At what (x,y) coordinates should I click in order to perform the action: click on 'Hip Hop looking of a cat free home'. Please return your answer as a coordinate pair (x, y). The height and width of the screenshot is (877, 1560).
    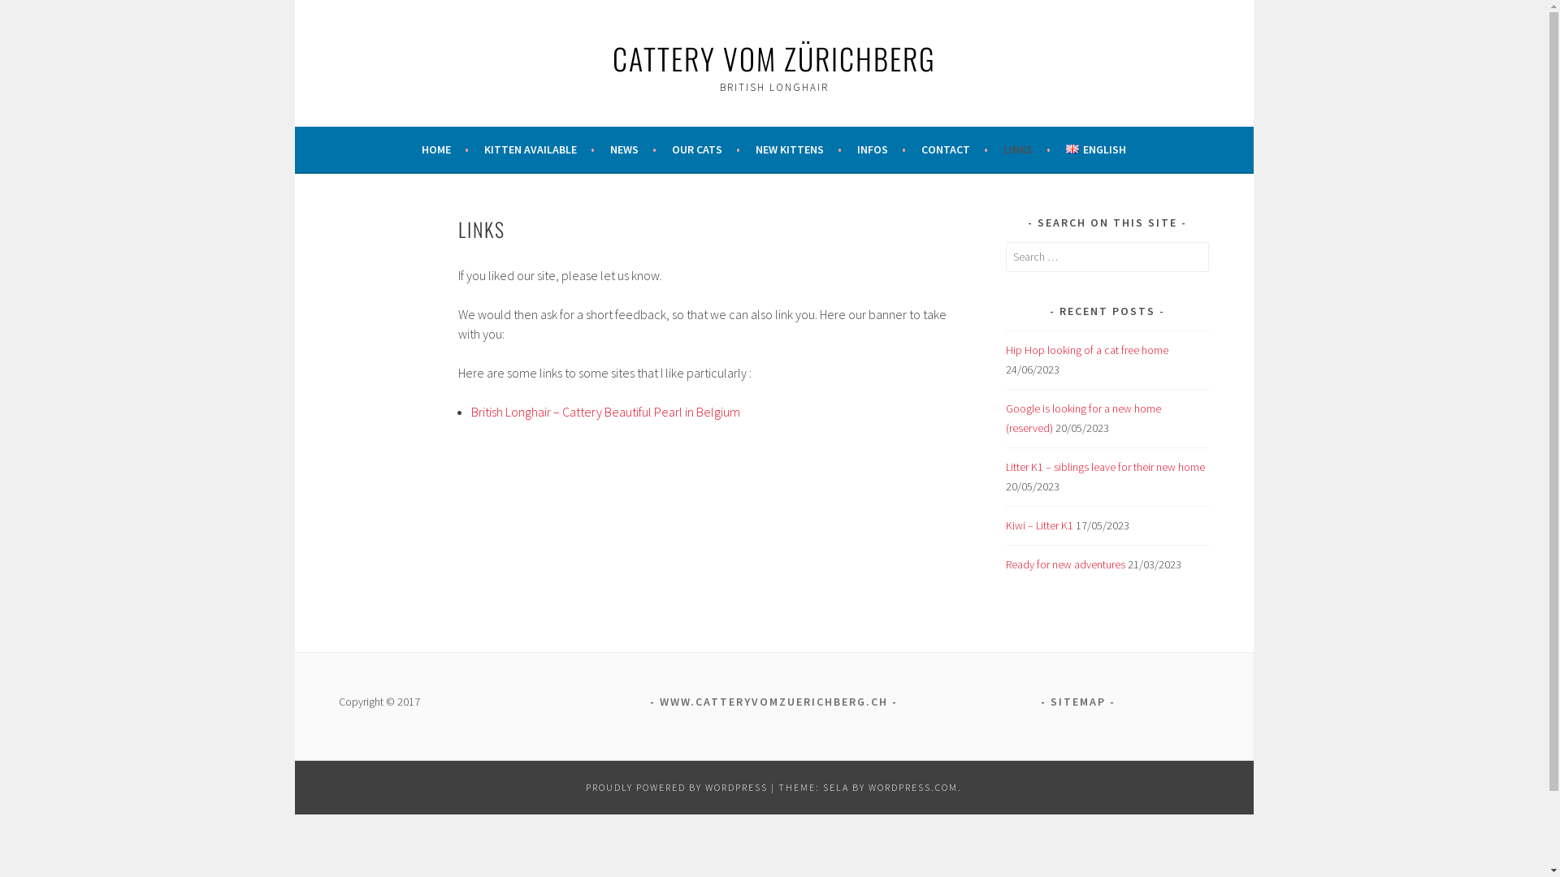
    Looking at the image, I should click on (1087, 349).